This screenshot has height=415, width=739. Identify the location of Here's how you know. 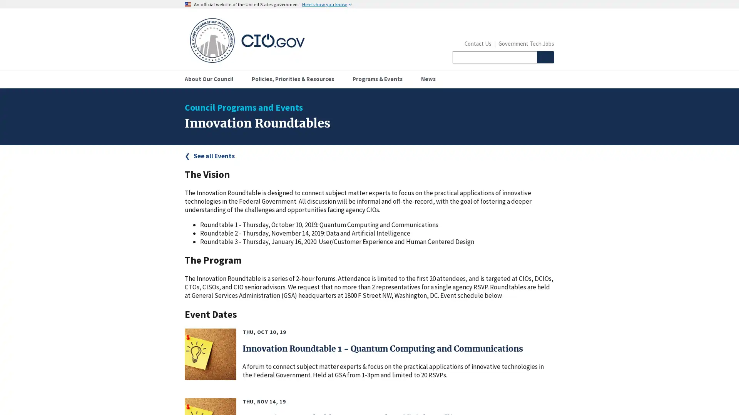
(327, 4).